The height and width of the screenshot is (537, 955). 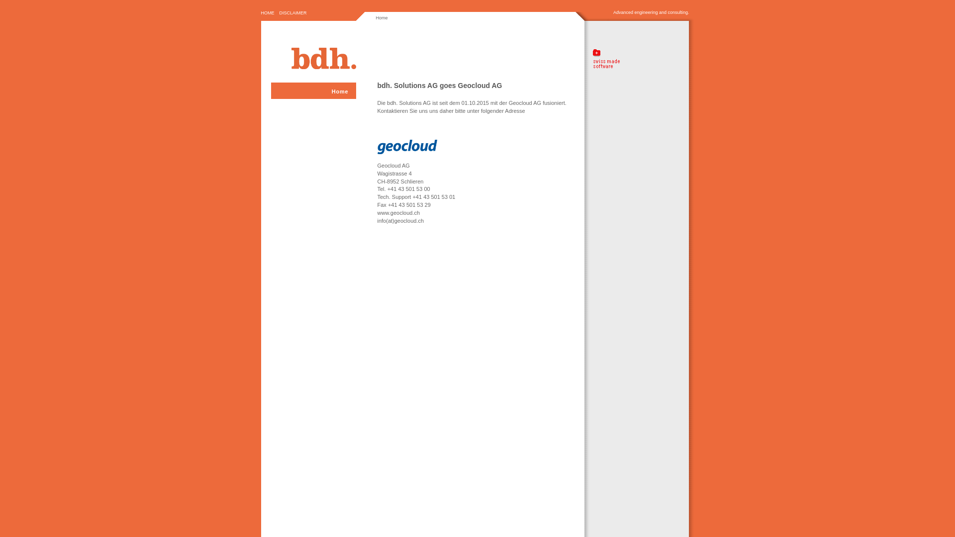 What do you see at coordinates (268, 13) in the screenshot?
I see `'HOME'` at bounding box center [268, 13].